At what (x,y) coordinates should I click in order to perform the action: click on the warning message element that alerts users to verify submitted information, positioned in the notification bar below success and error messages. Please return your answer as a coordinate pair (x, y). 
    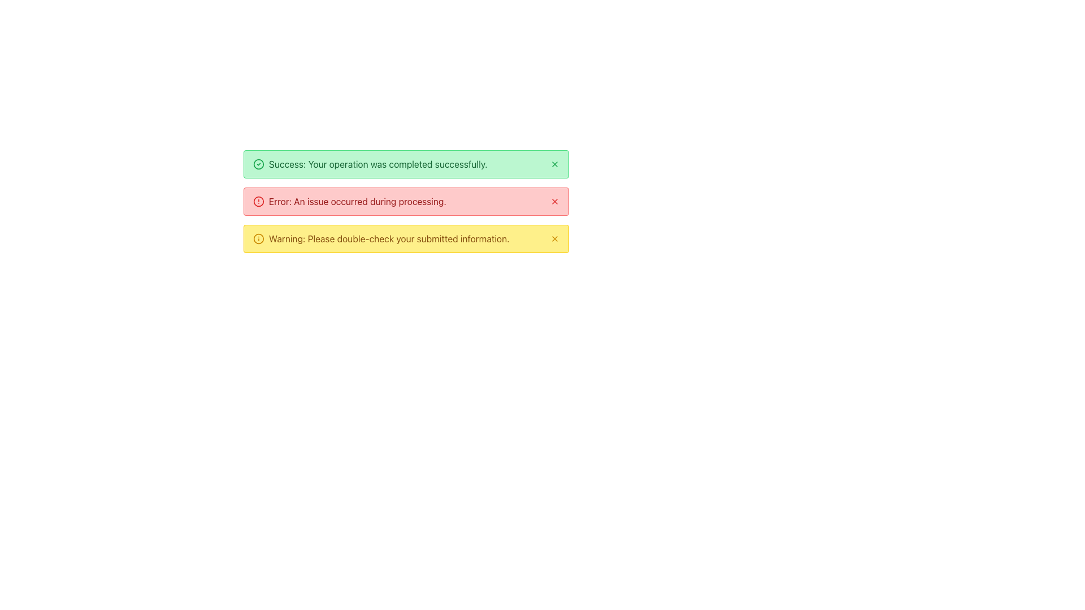
    Looking at the image, I should click on (389, 238).